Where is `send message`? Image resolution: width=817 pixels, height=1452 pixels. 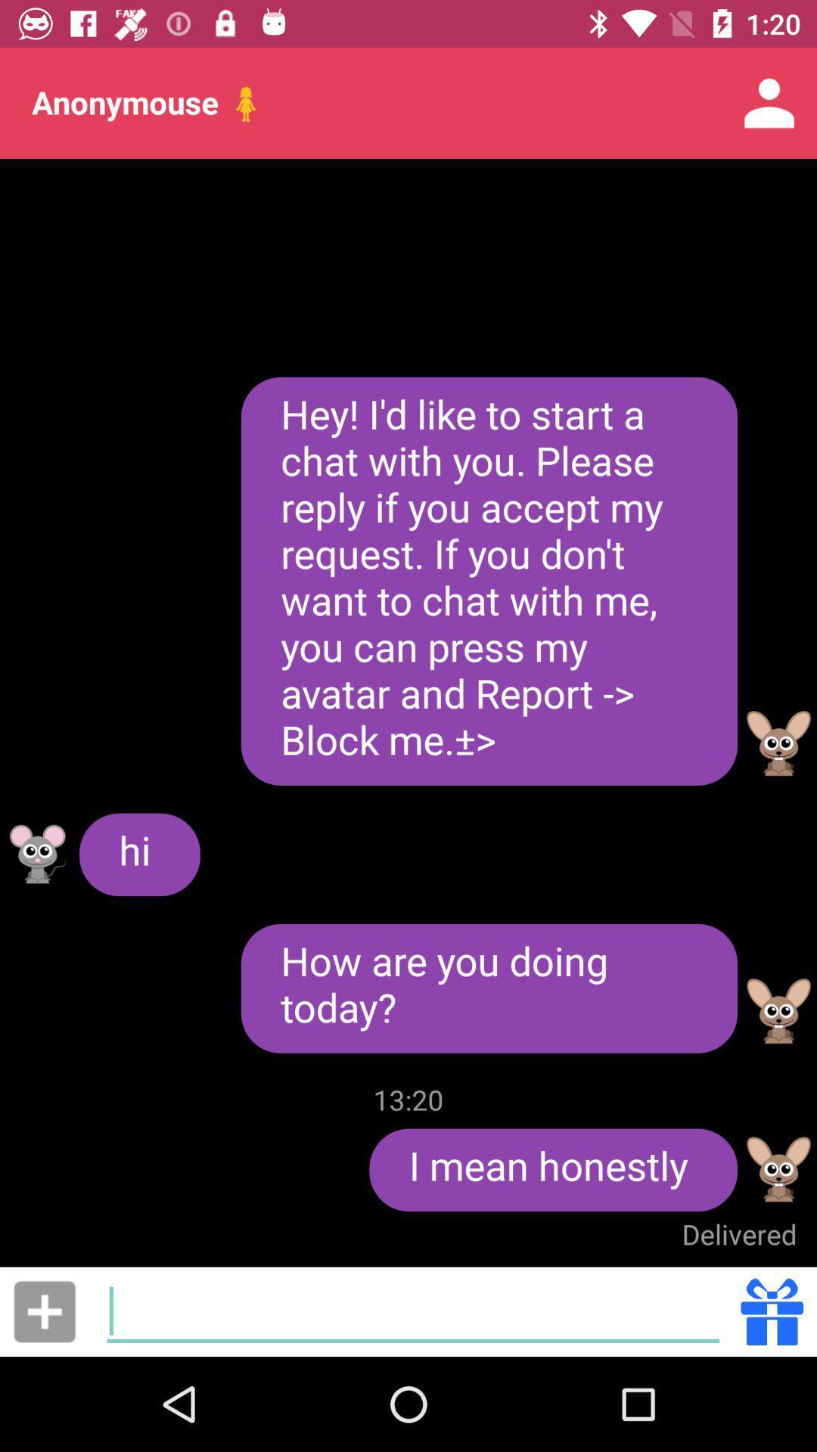
send message is located at coordinates (44, 1311).